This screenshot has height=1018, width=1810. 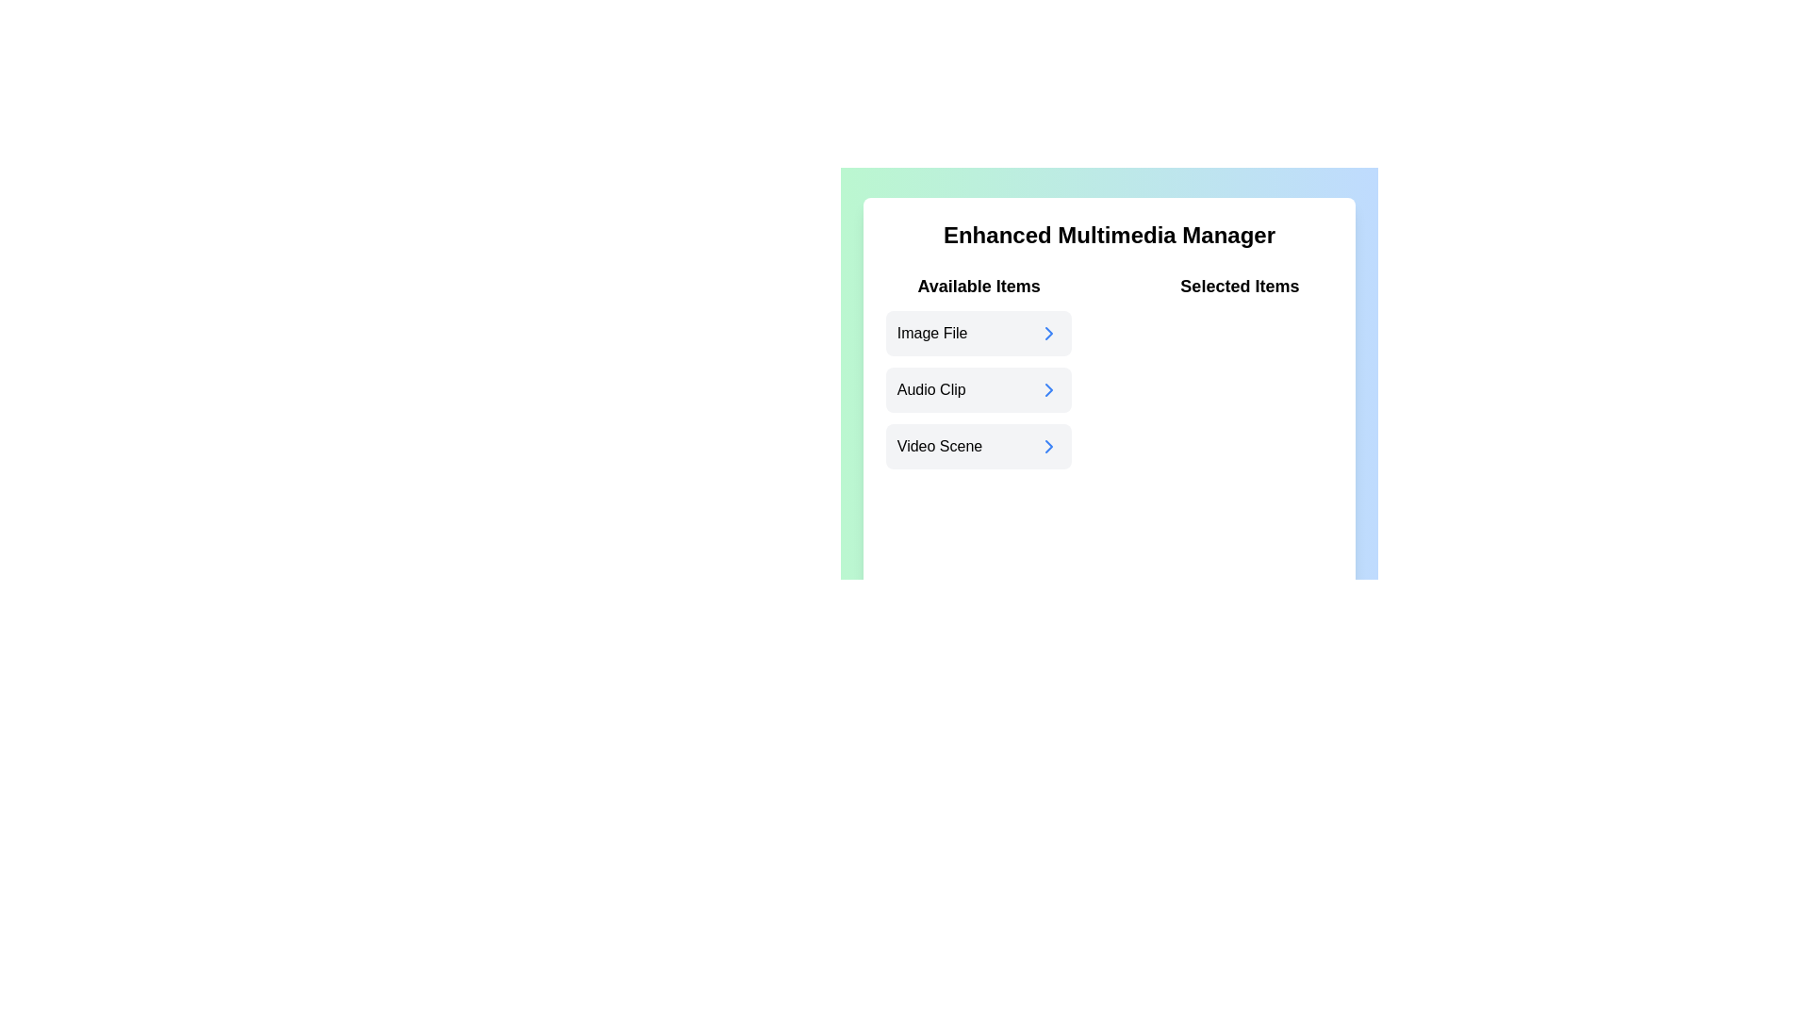 I want to click on the list item labeled 'Audio Clip' in the vertical list under 'Available Items', so click(x=979, y=370).